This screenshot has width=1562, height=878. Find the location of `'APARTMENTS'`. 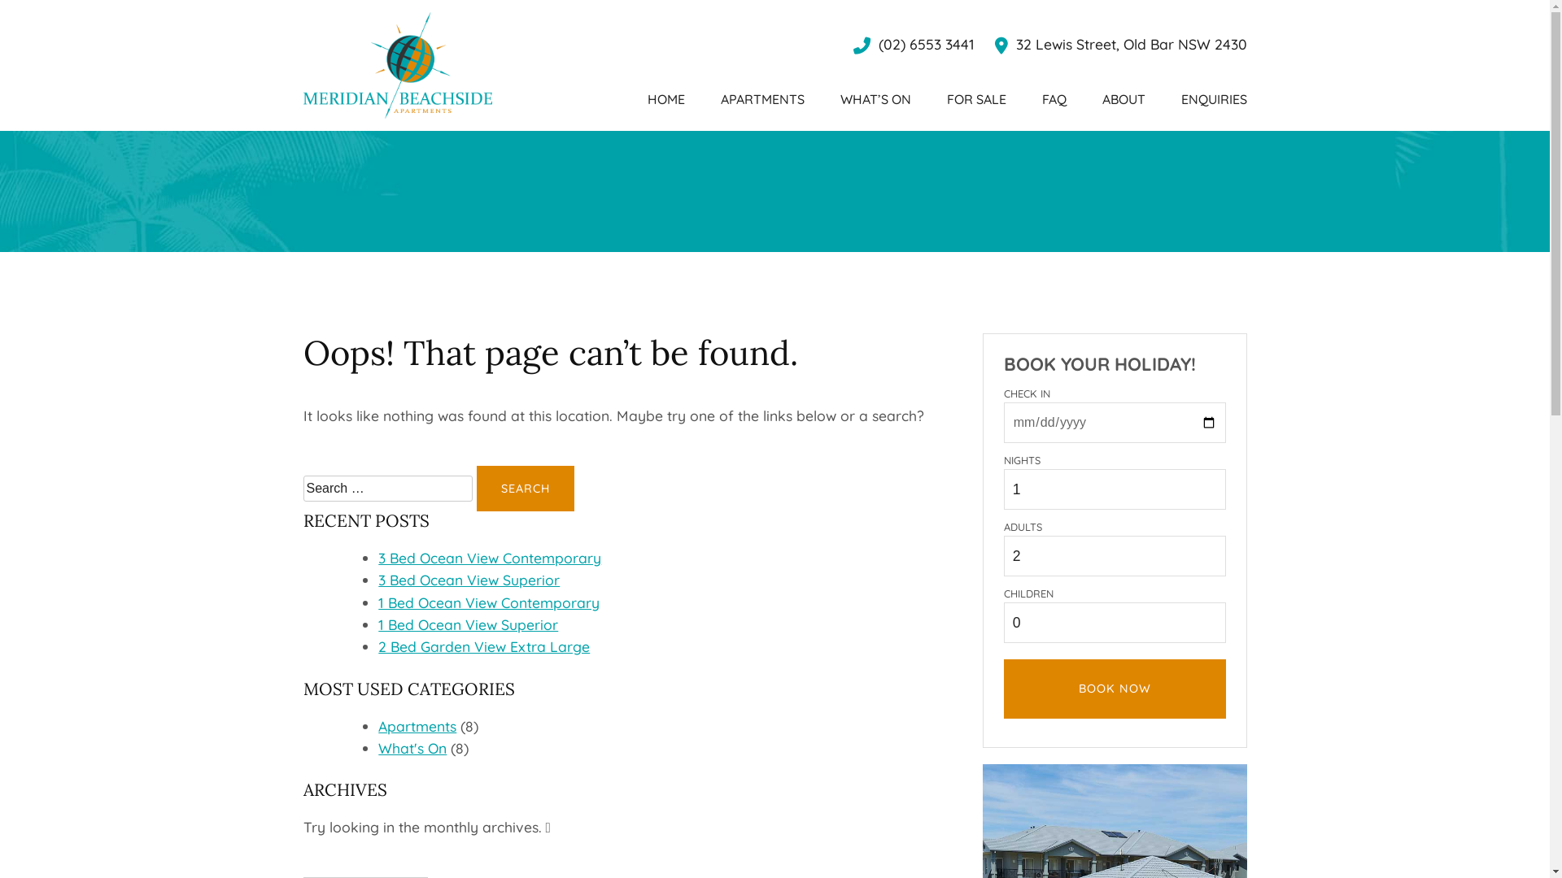

'APARTMENTS' is located at coordinates (761, 99).